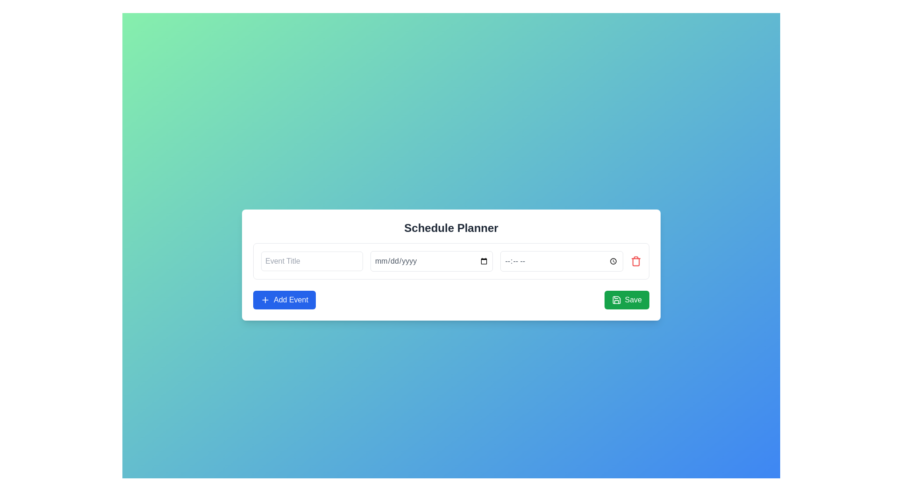 The image size is (897, 504). What do you see at coordinates (431, 261) in the screenshot?
I see `a date from the dropdown calendar in the Date input field, which is a rectangular input box with rounded corners and a placeholder 'mm/dd/yyyy', located centrally between a text input field and a time input field` at bounding box center [431, 261].